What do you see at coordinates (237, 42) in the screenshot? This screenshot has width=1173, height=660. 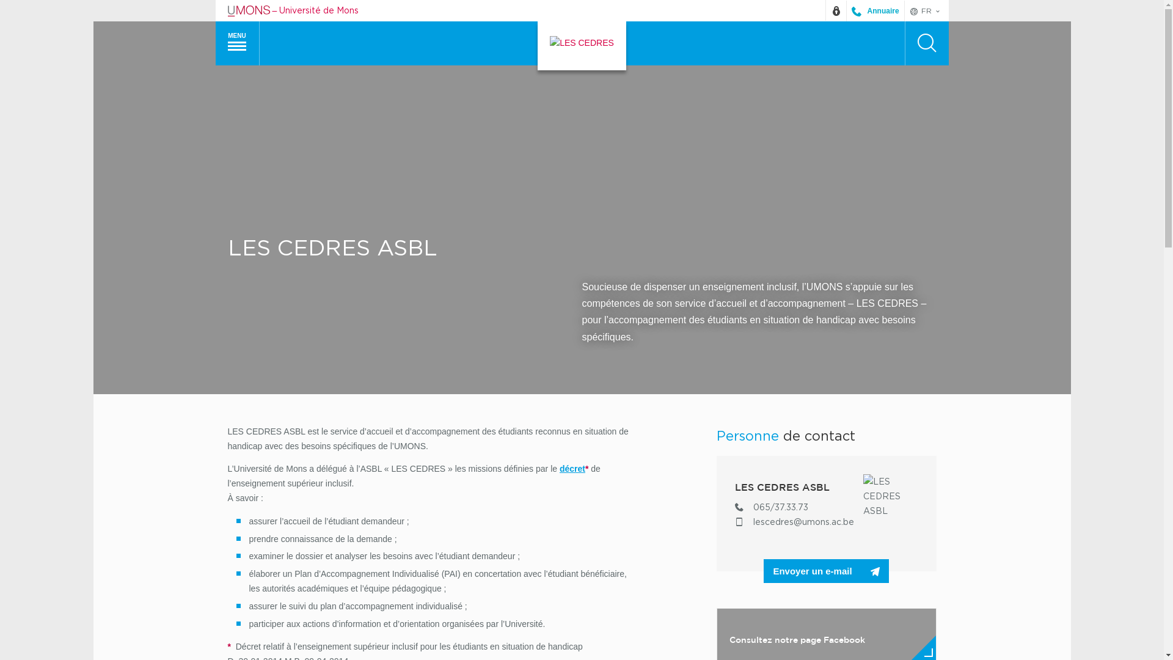 I see `'MENU'` at bounding box center [237, 42].